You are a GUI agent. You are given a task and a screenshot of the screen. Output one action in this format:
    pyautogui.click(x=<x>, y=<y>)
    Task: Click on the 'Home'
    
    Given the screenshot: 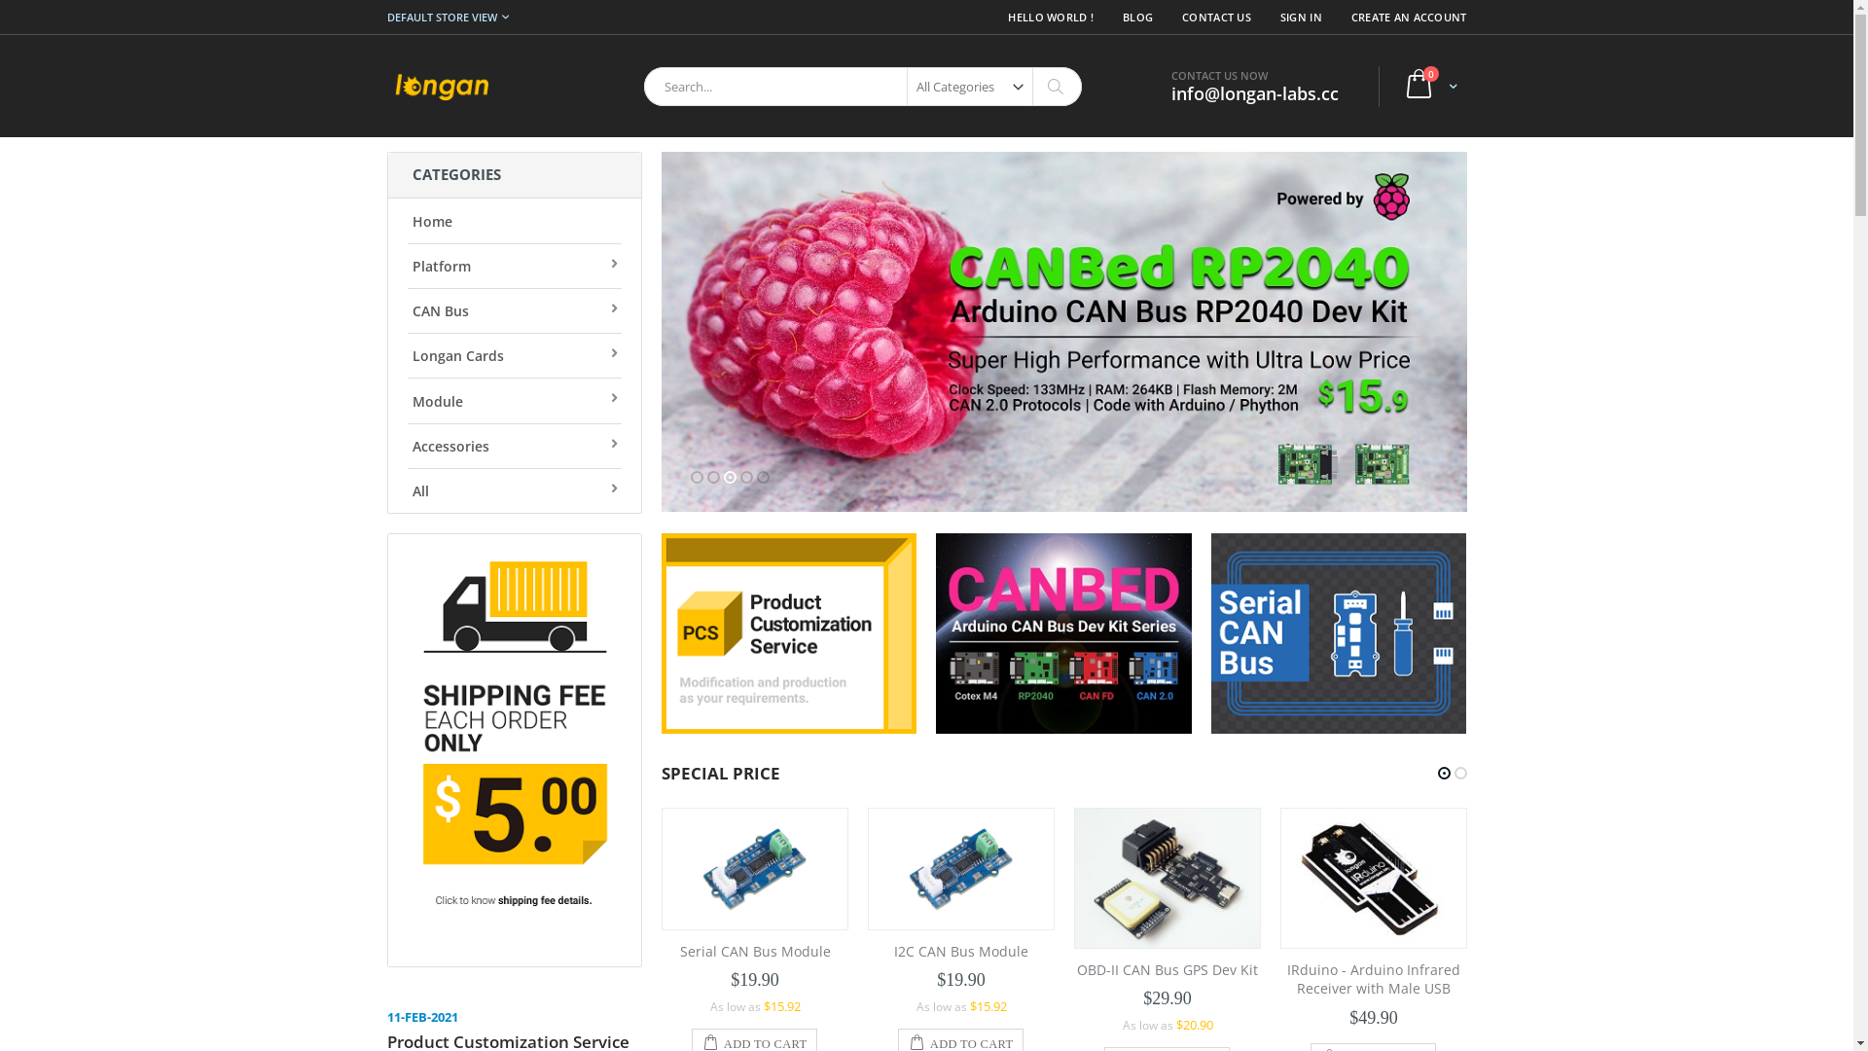 What is the action you would take?
    pyautogui.click(x=514, y=219)
    